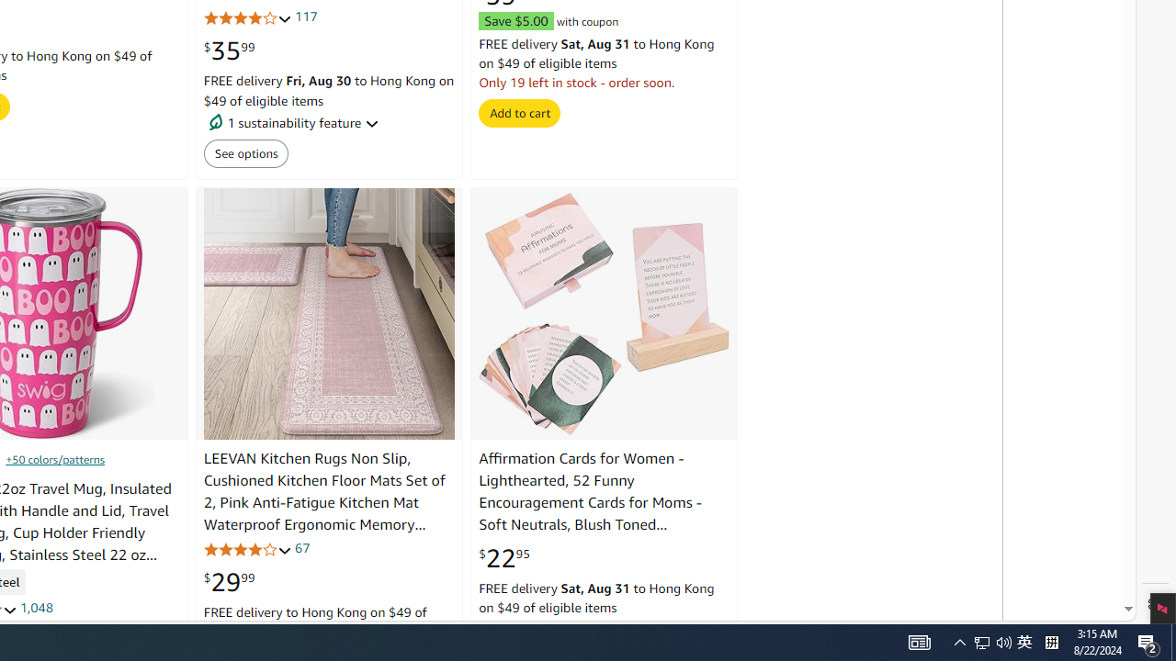 The image size is (1176, 661). I want to click on ' 1 sustainability feature', so click(330, 123).